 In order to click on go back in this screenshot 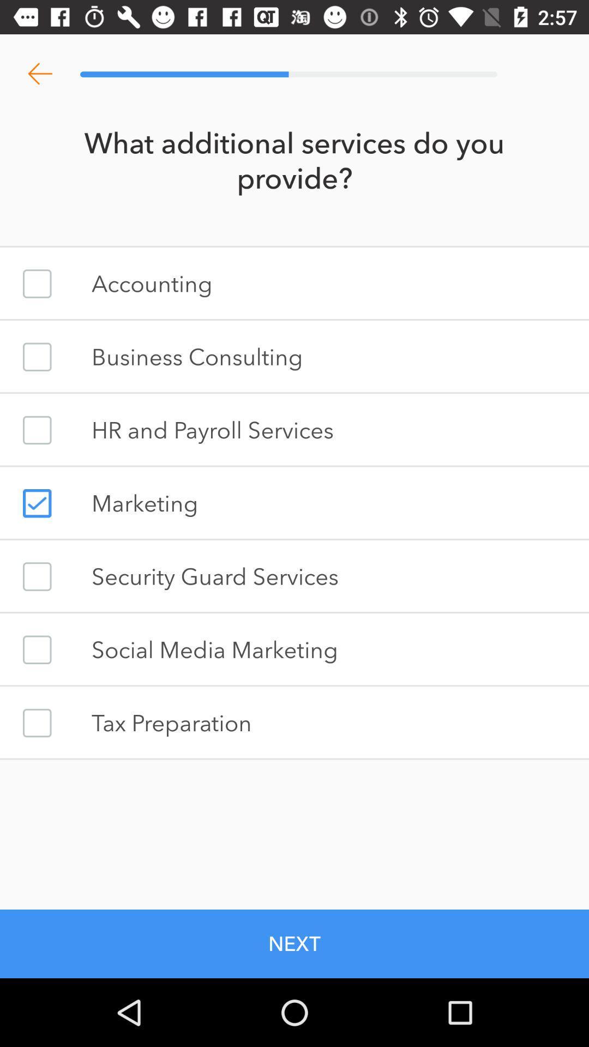, I will do `click(39, 74)`.